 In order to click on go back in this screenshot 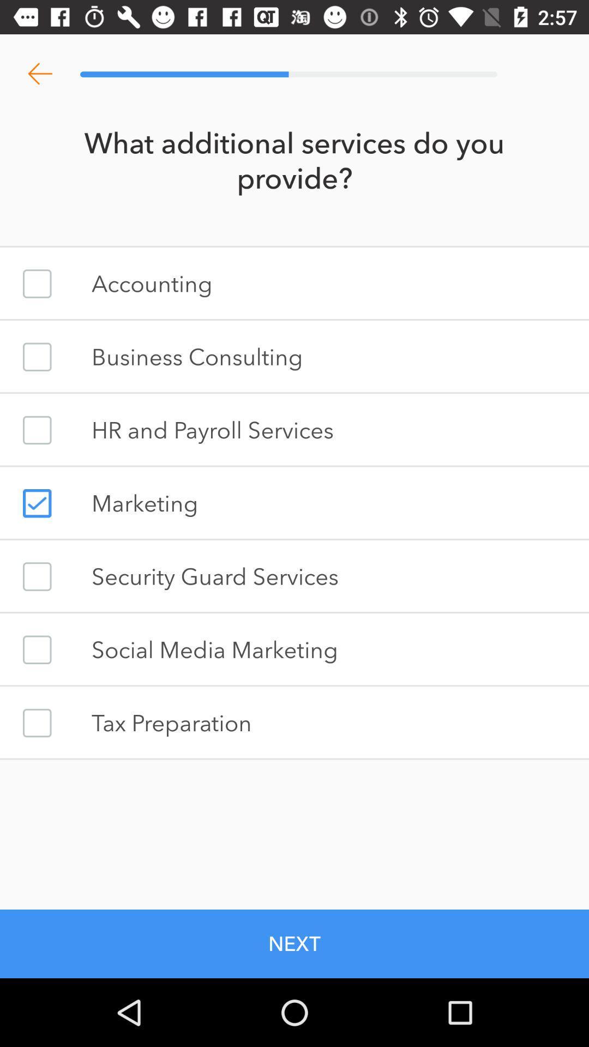, I will do `click(39, 74)`.